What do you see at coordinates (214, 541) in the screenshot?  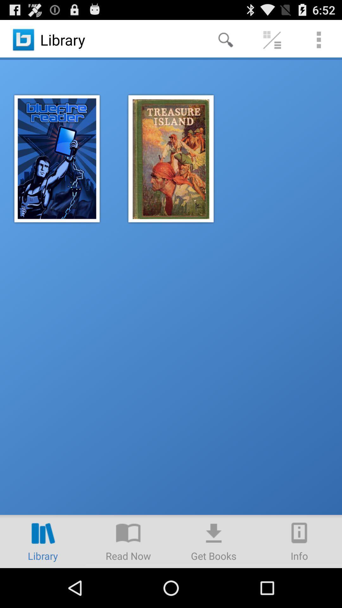 I see `download option` at bounding box center [214, 541].